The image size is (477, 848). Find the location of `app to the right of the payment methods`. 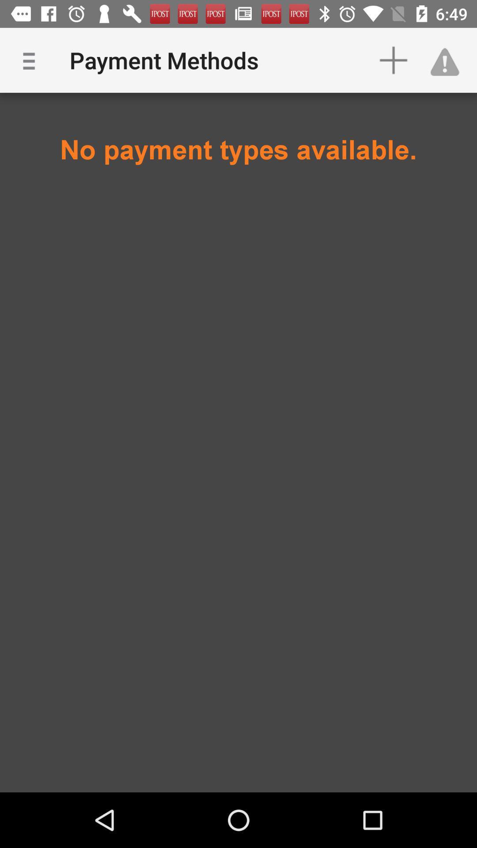

app to the right of the payment methods is located at coordinates (393, 60).